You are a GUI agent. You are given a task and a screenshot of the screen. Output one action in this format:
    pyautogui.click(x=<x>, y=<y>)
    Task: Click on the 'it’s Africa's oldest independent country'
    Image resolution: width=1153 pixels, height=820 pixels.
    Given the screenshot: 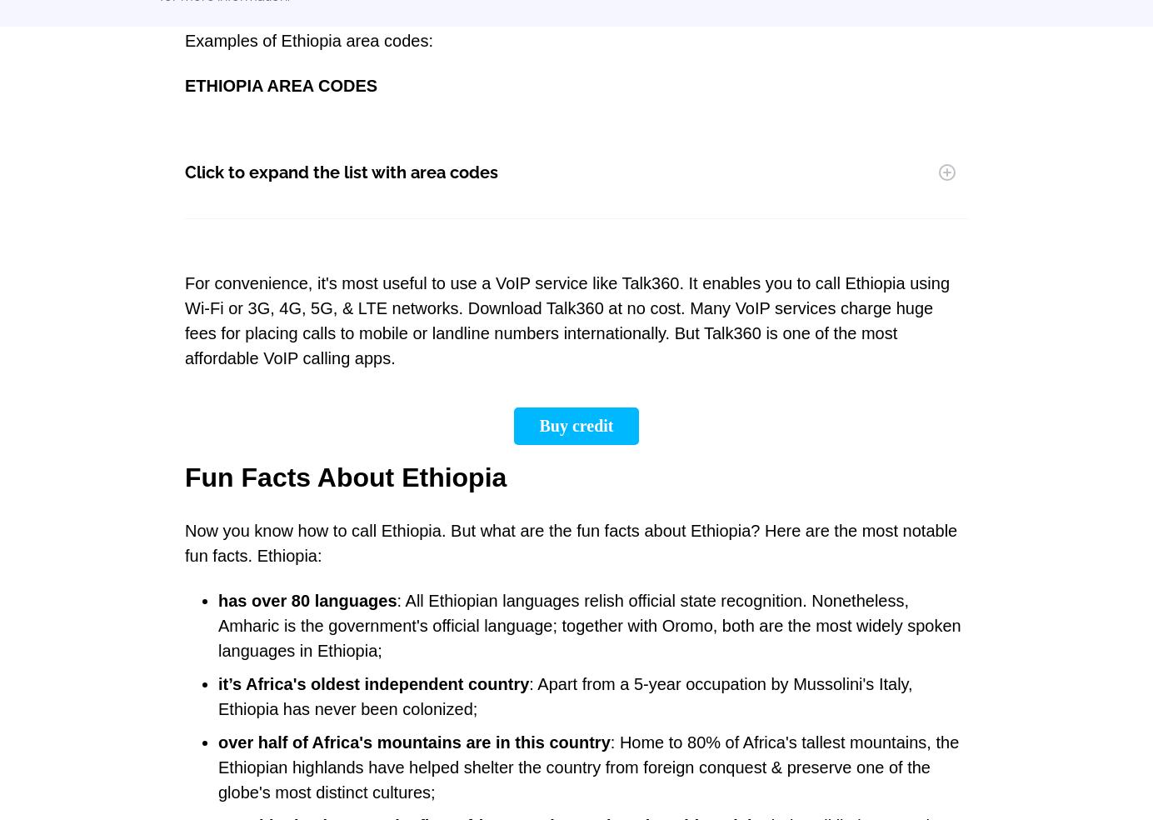 What is the action you would take?
    pyautogui.click(x=373, y=682)
    